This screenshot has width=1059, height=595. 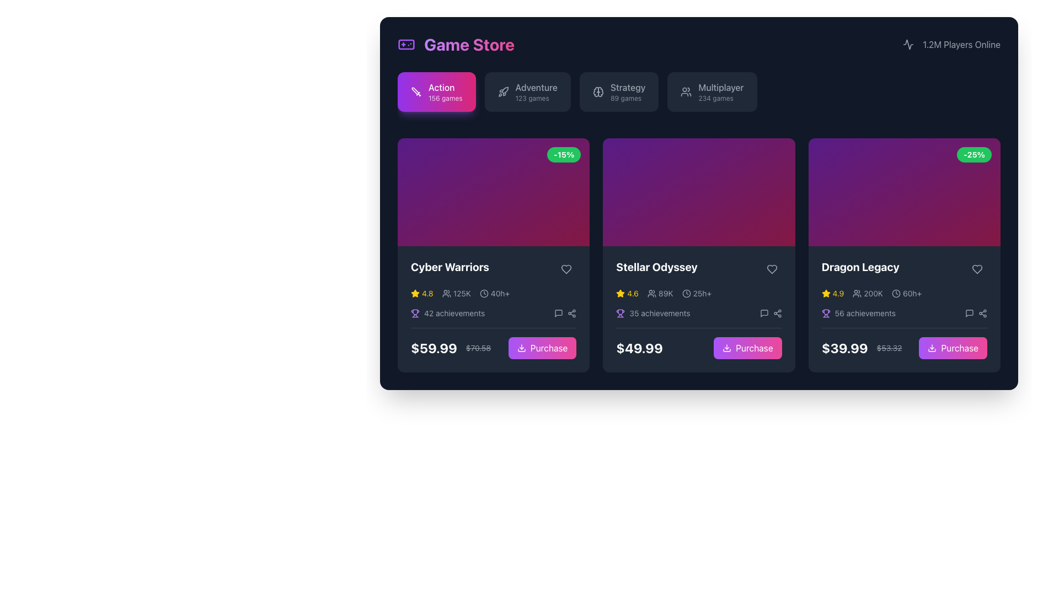 What do you see at coordinates (441, 86) in the screenshot?
I see `the text label displaying 'Action' in medium font weight, styled in white on a gradient purple background, located within the rectangular button labeled 'Action 156 games'` at bounding box center [441, 86].